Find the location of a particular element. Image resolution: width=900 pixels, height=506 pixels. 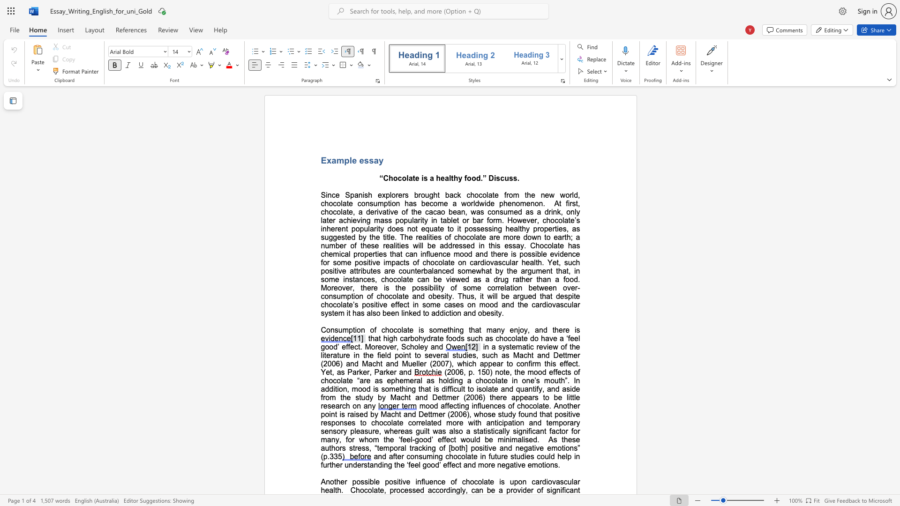

the subset text ", for whom the ‘feel-good’ effect would be minimalised" within the text "guilt was also a statistically significant factor for many, for whom the ‘feel-good’ effect would be minimalised" is located at coordinates (338, 439).